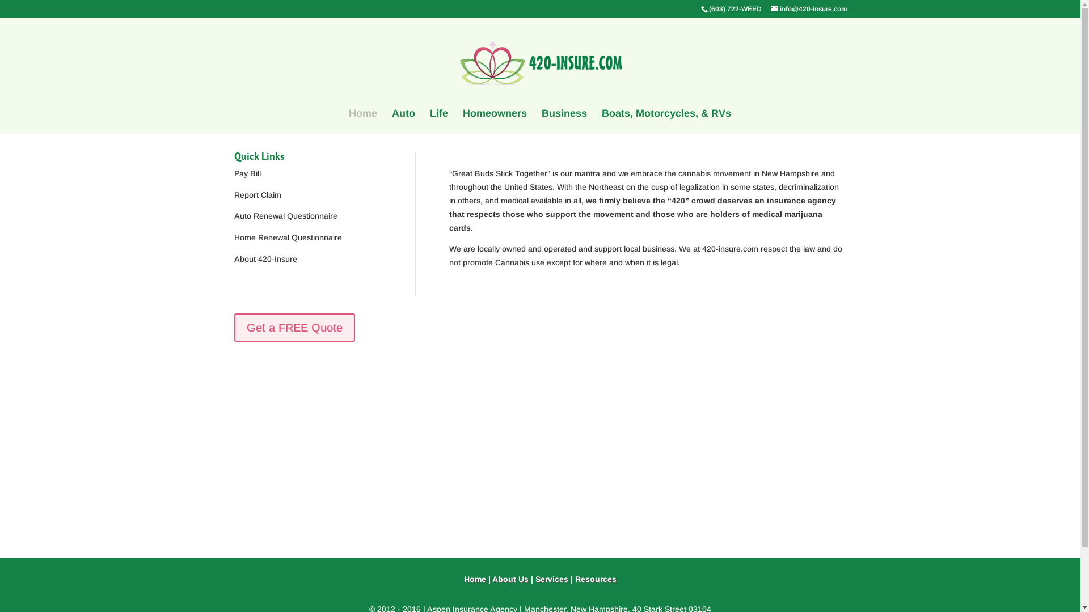  Describe the element at coordinates (563, 121) in the screenshot. I see `'Business'` at that location.